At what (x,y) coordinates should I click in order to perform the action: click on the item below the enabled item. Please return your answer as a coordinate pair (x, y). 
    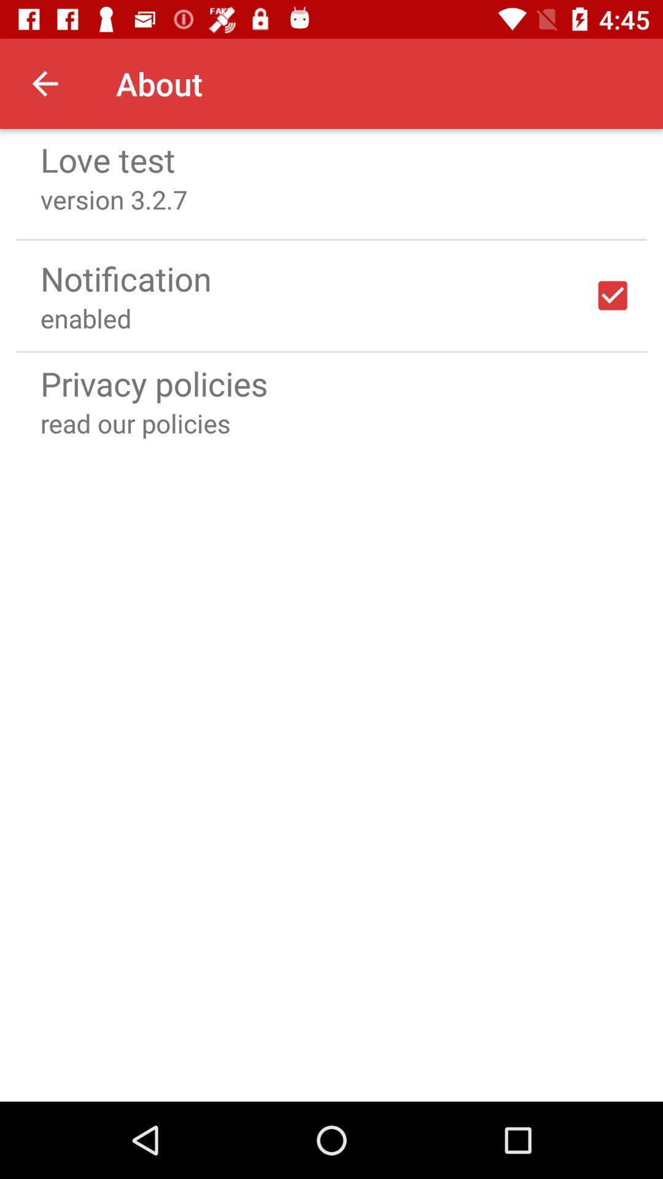
    Looking at the image, I should click on (331, 351).